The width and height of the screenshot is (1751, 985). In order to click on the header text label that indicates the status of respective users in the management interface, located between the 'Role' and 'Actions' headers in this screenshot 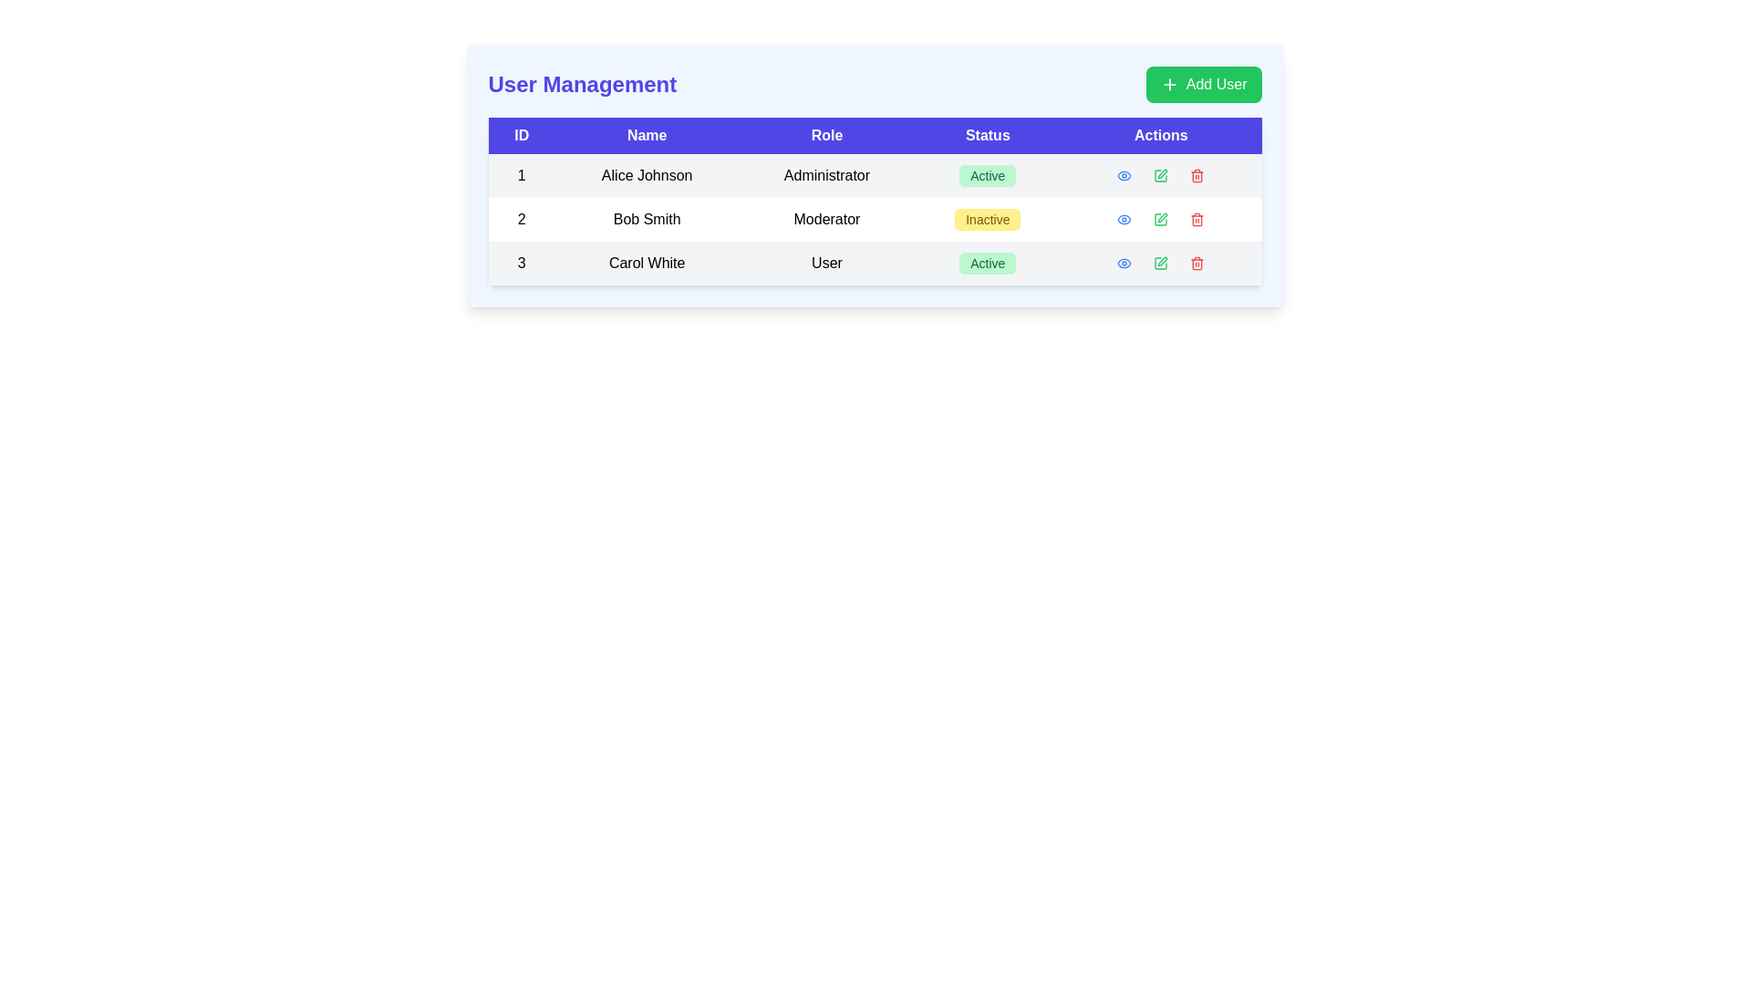, I will do `click(987, 135)`.